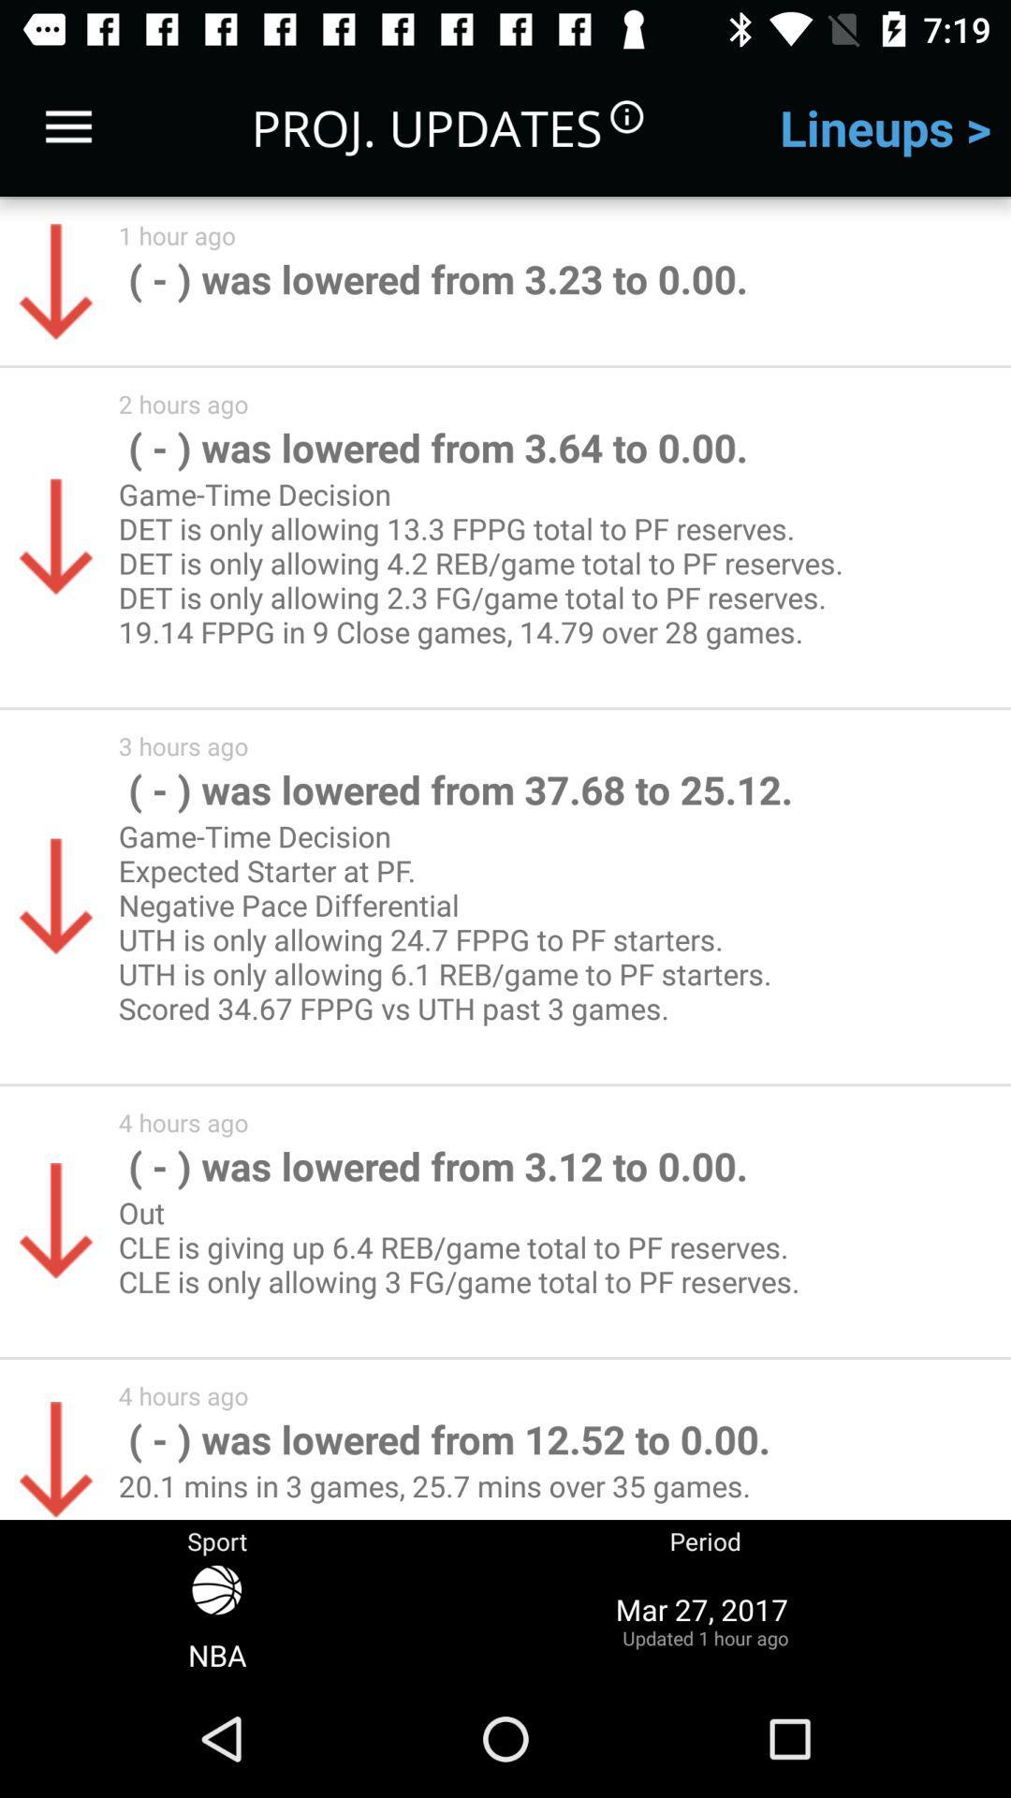  What do you see at coordinates (216, 1619) in the screenshot?
I see `the icon below sport icon` at bounding box center [216, 1619].